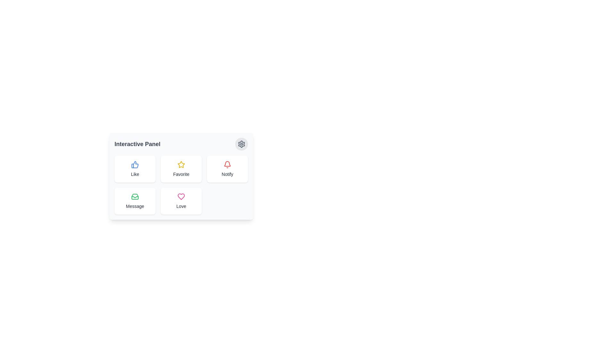 This screenshot has width=616, height=346. Describe the element at coordinates (135, 169) in the screenshot. I see `the 'Like' button located at the top-left corner of the grid layout to express appreciation` at that location.